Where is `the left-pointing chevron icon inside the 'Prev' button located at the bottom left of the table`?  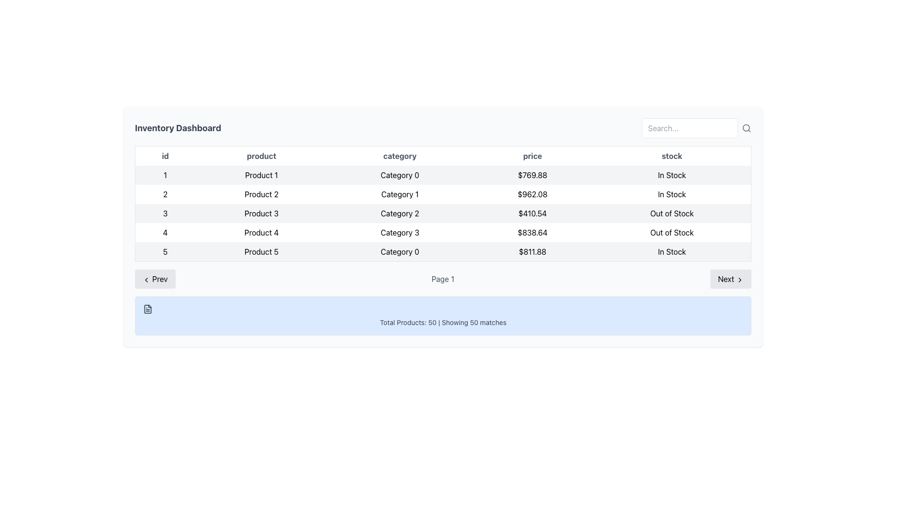 the left-pointing chevron icon inside the 'Prev' button located at the bottom left of the table is located at coordinates (146, 279).